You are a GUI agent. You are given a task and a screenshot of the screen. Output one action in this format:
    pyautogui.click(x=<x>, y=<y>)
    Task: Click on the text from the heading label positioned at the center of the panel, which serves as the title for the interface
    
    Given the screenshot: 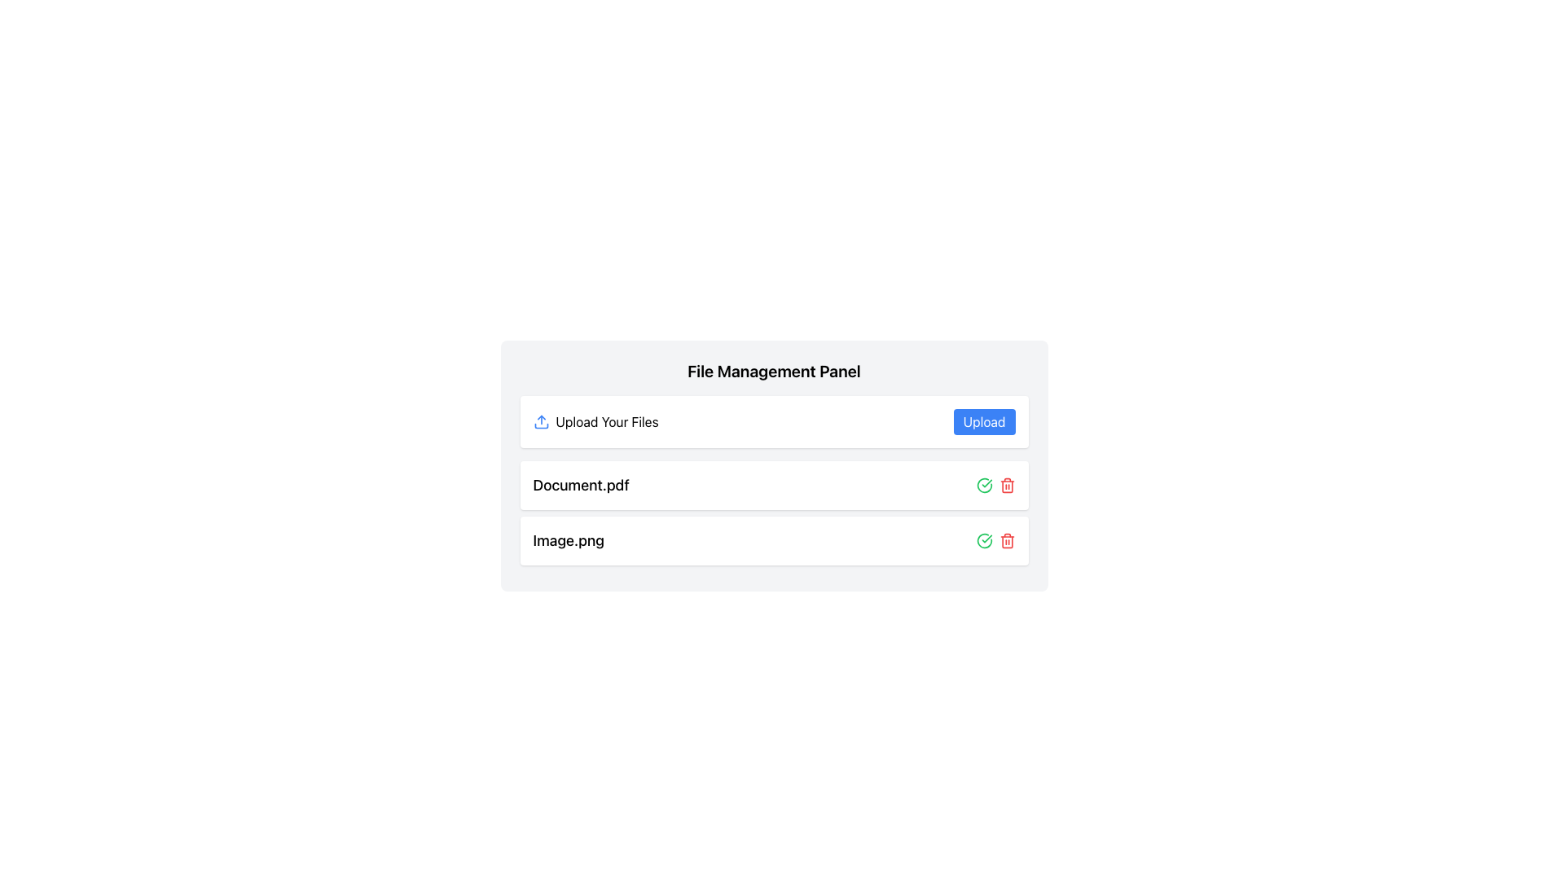 What is the action you would take?
    pyautogui.click(x=773, y=371)
    